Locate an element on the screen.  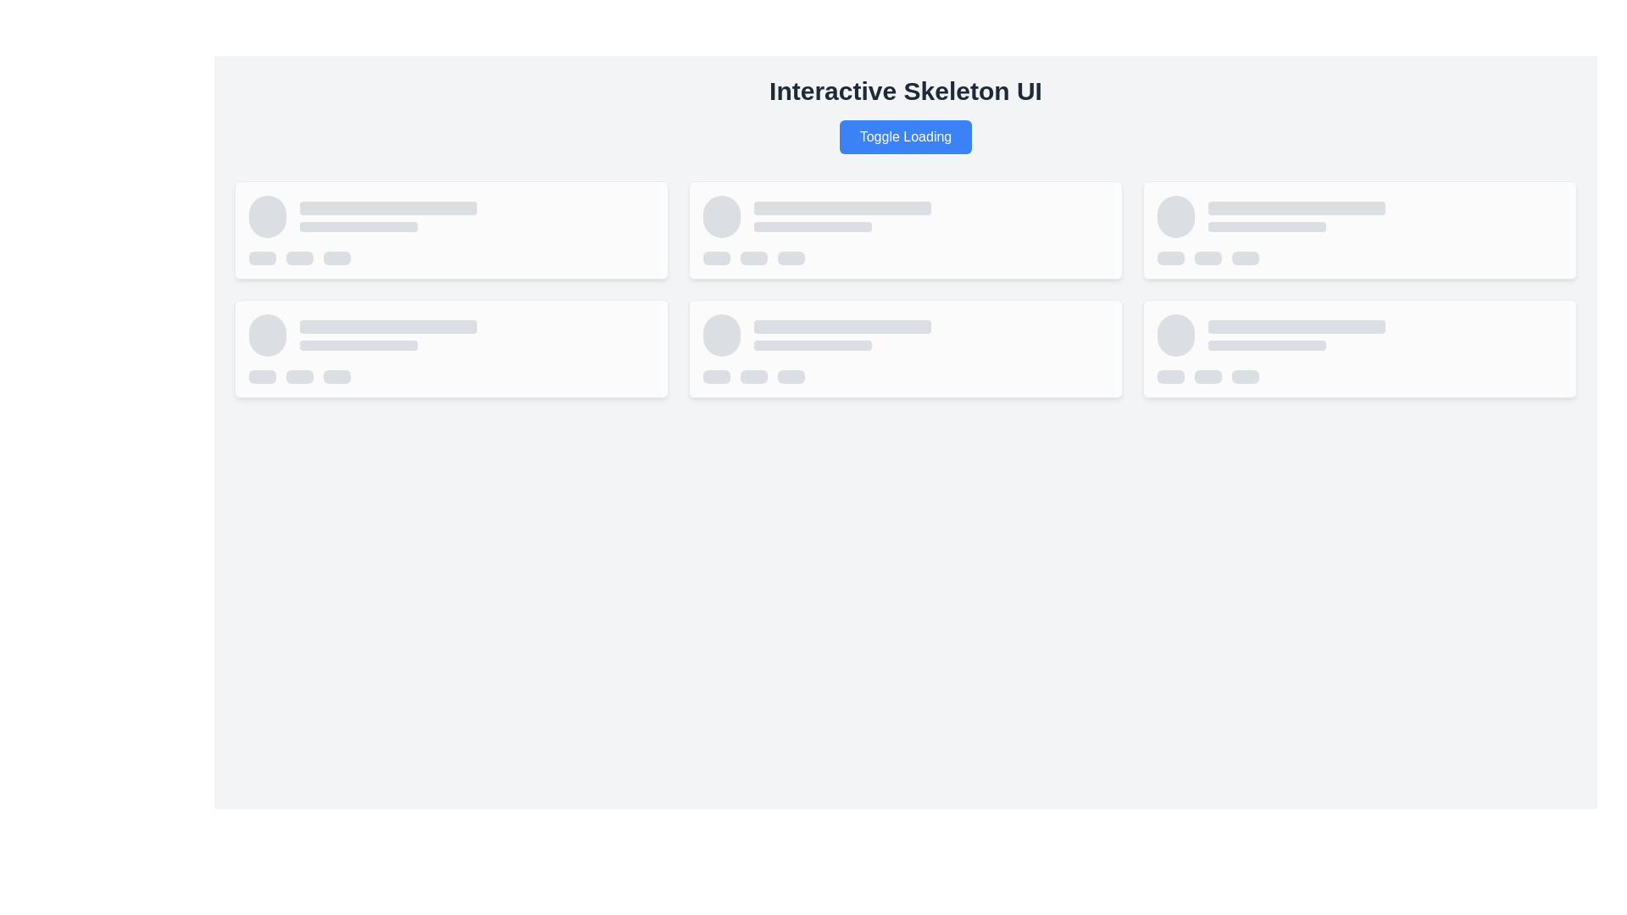
the skeleton loading placeholder located in the bottom row, second slot from the left, indicating that data is being loaded is located at coordinates (905, 348).